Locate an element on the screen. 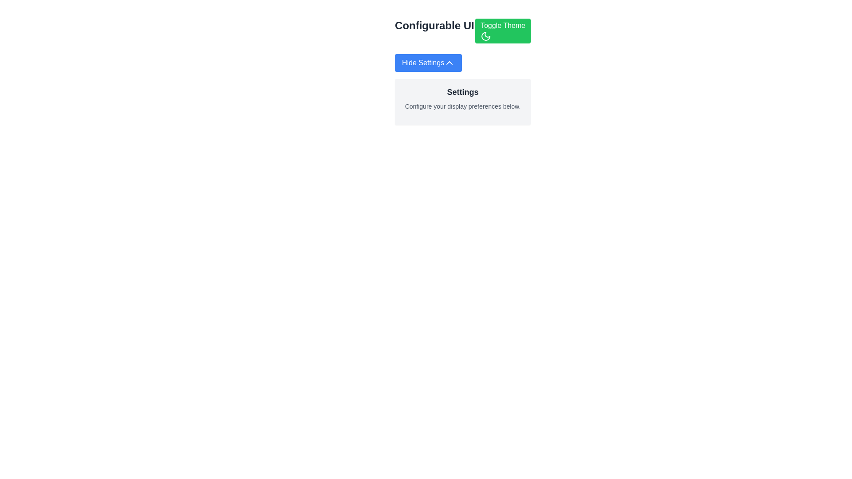  the crescent moon icon within the green rounded rectangle button labeled 'Toggle Theme' if it is accessible is located at coordinates (485, 35).